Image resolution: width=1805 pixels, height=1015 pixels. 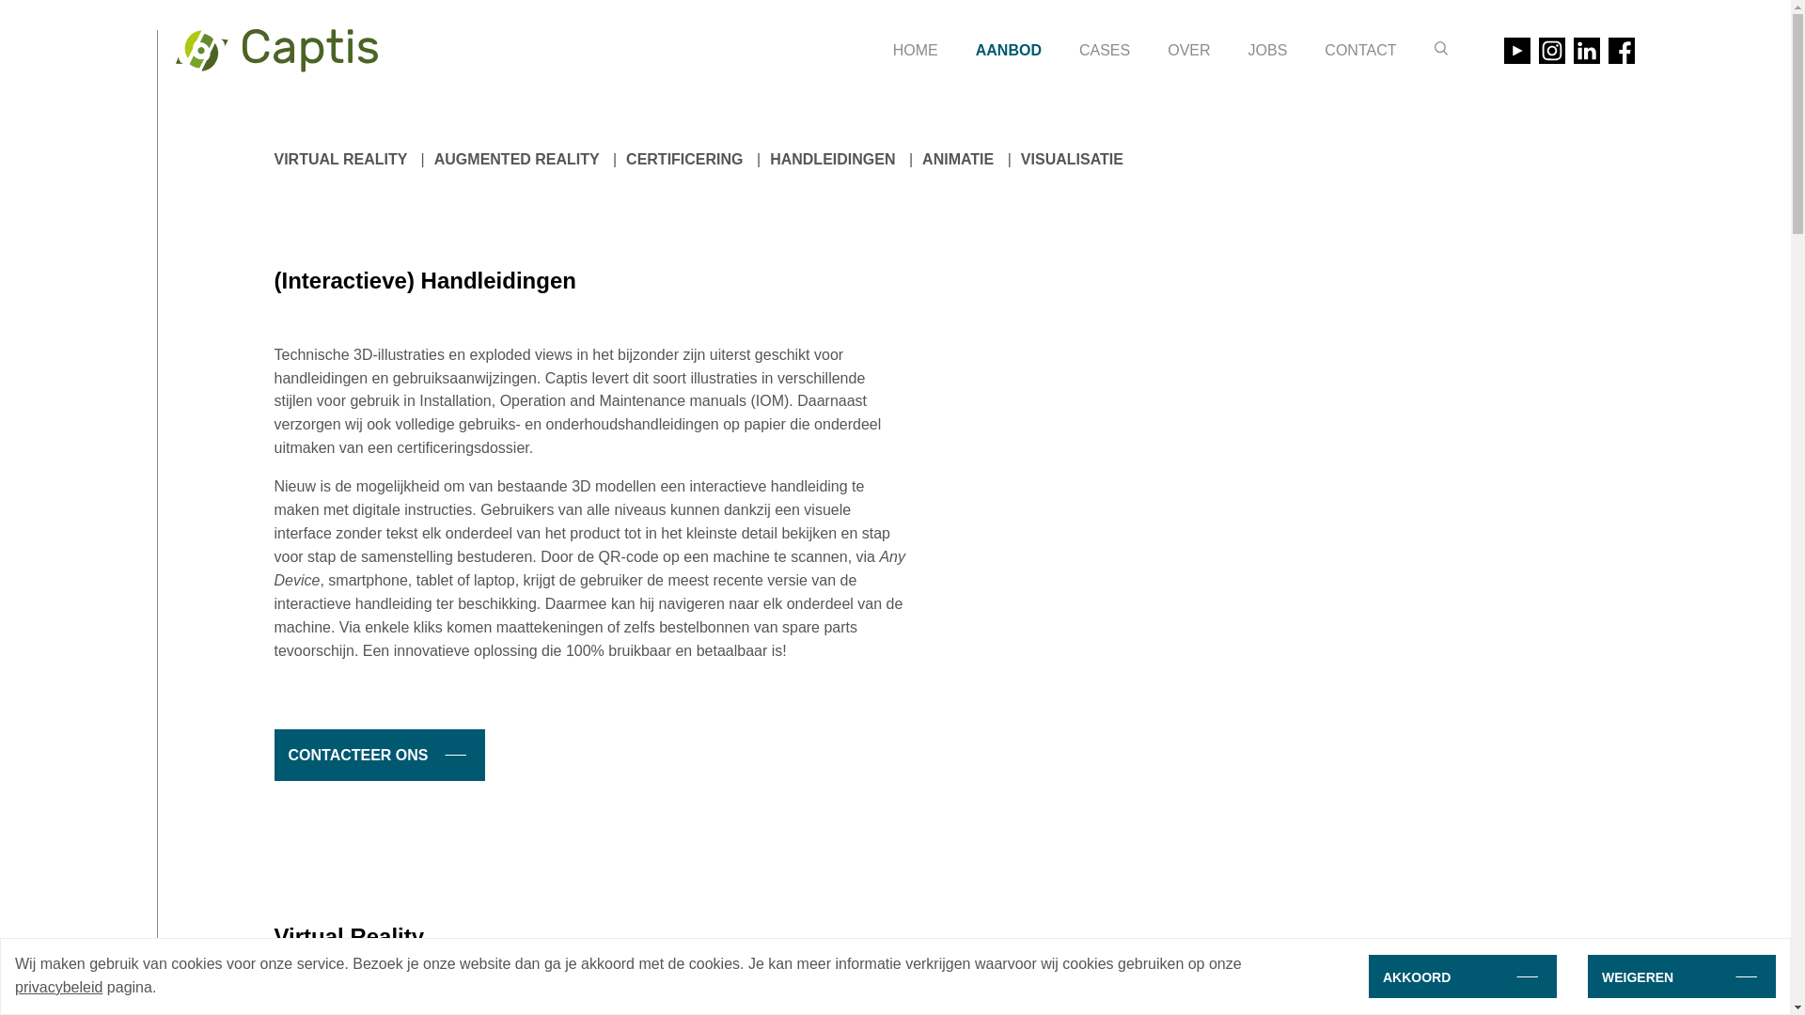 I want to click on 'CASES', so click(x=1078, y=50).